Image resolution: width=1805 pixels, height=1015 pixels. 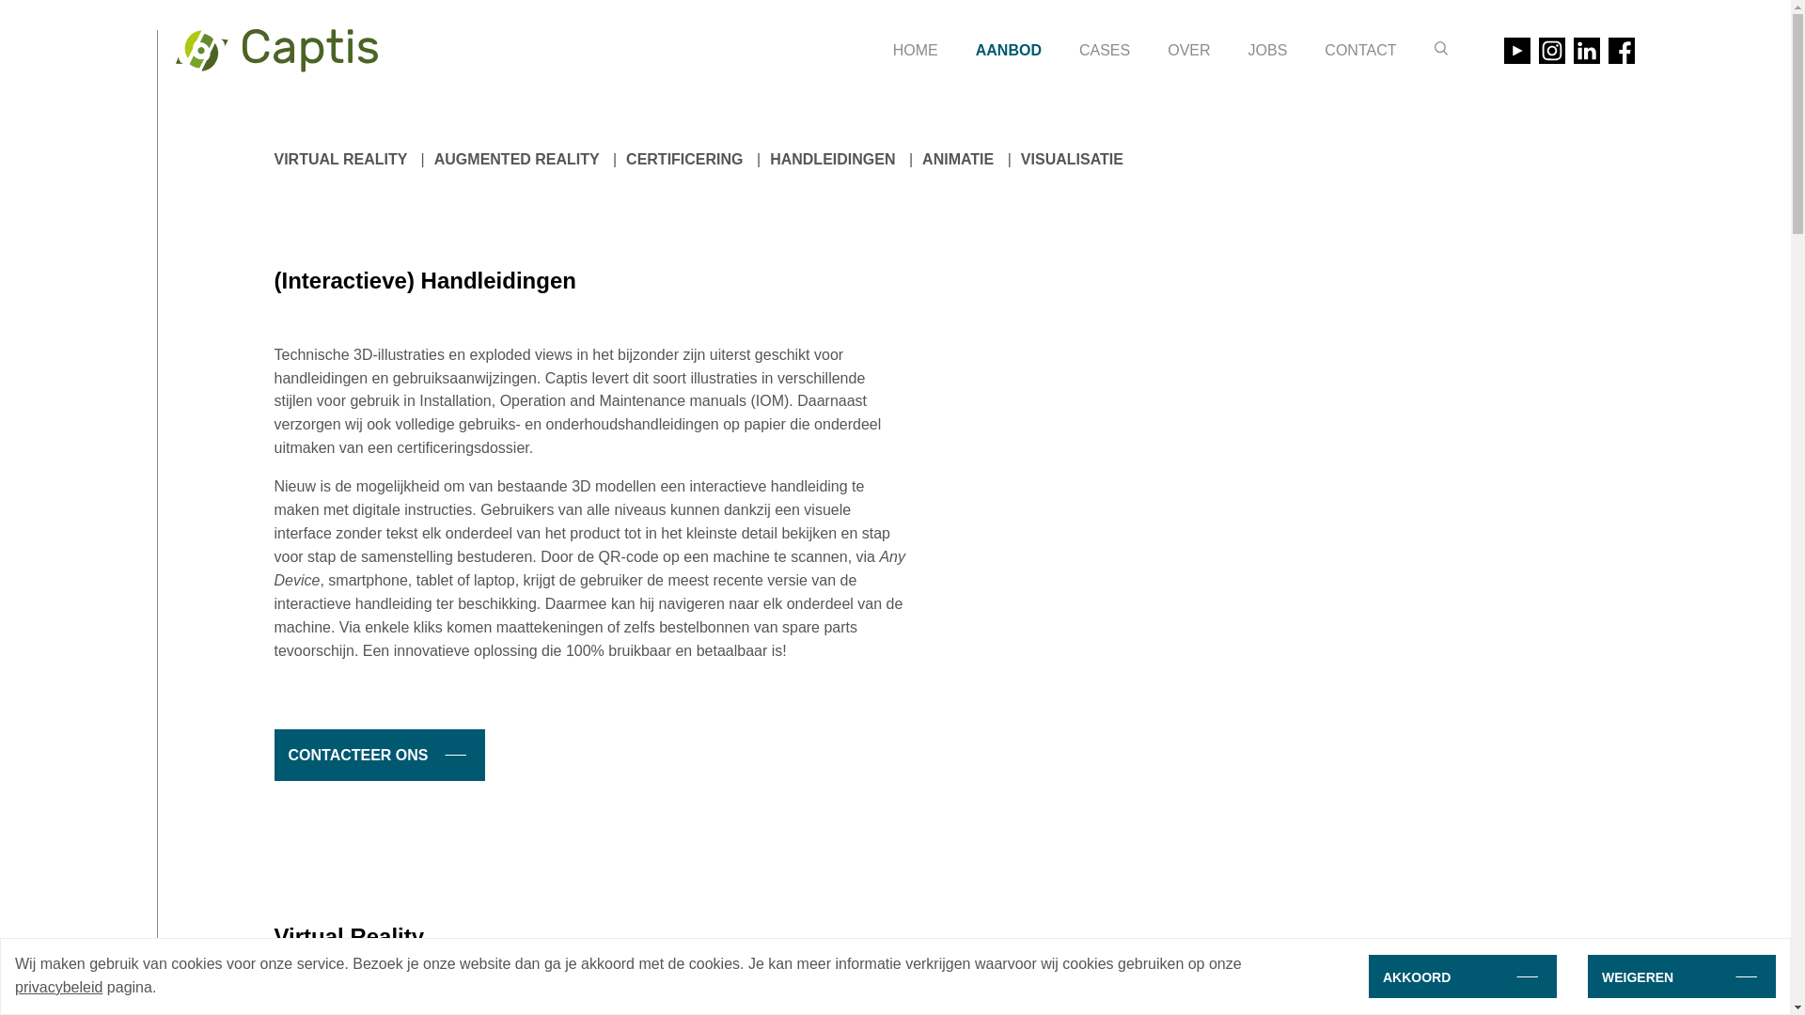 I want to click on 'CASES', so click(x=1078, y=50).